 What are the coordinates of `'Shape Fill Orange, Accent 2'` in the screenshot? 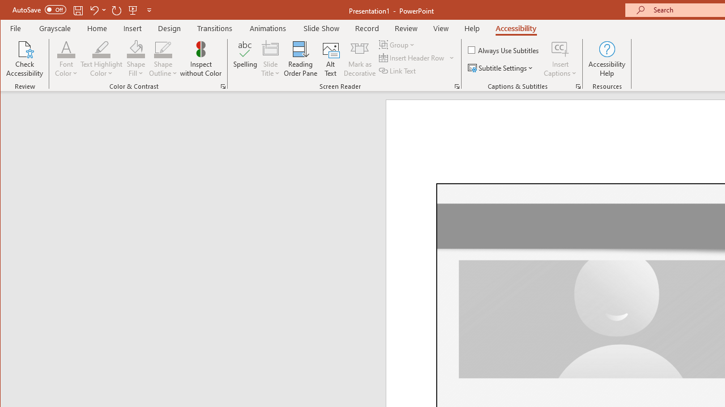 It's located at (136, 48).